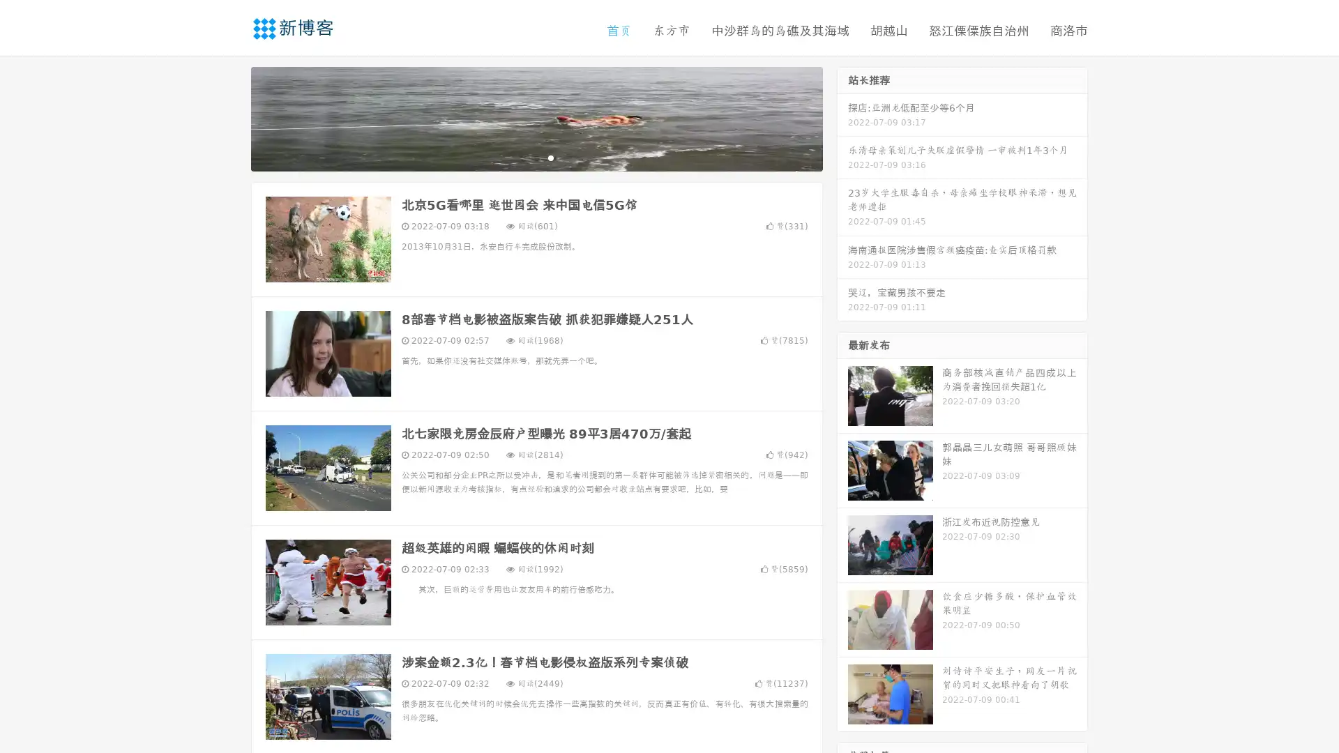 The height and width of the screenshot is (753, 1339). Describe the element at coordinates (536, 157) in the screenshot. I see `Go to slide 2` at that location.